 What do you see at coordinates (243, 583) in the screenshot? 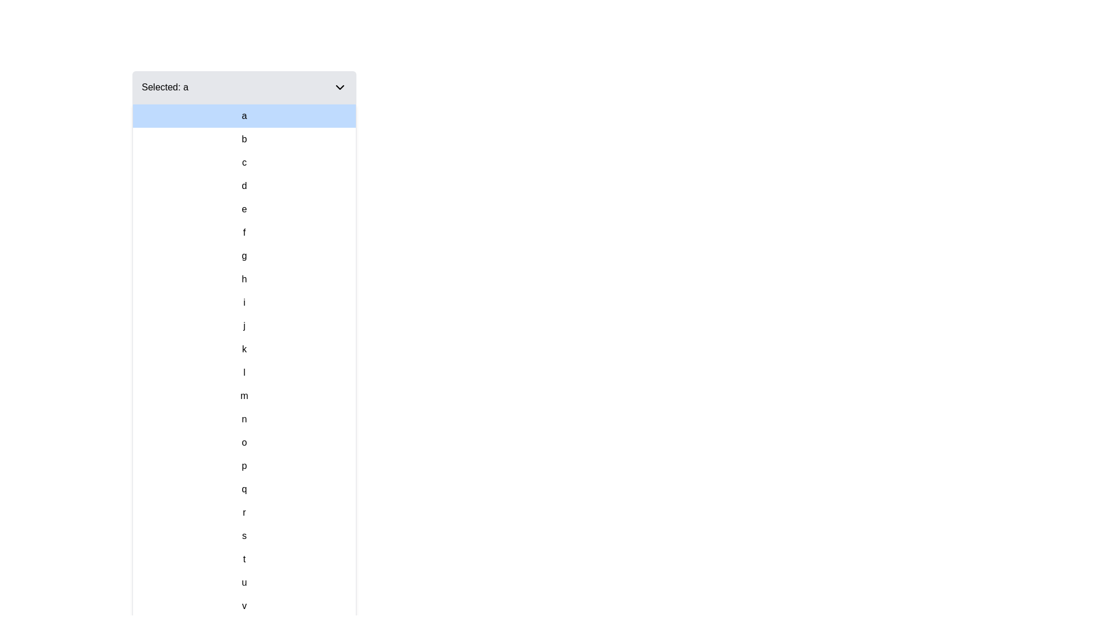
I see `the text item displaying the letter 'u' in a dropdown menu to trigger the visual hover effect` at bounding box center [243, 583].